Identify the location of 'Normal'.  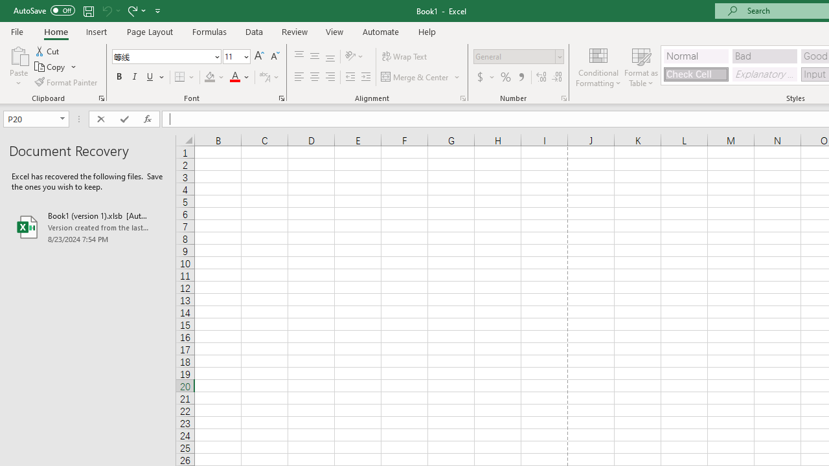
(695, 55).